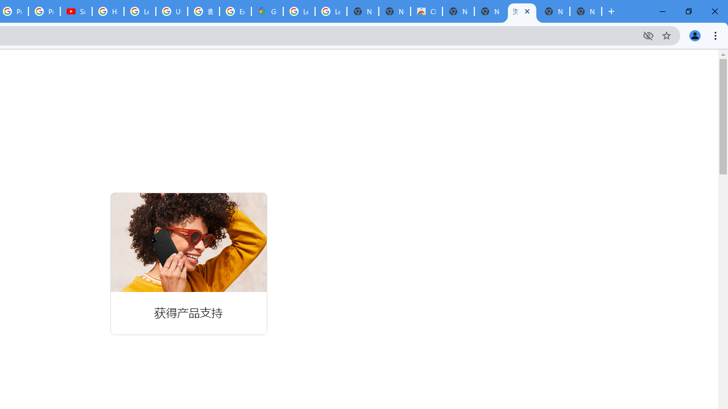  I want to click on 'Explore new street-level details - Google Maps Help', so click(235, 11).